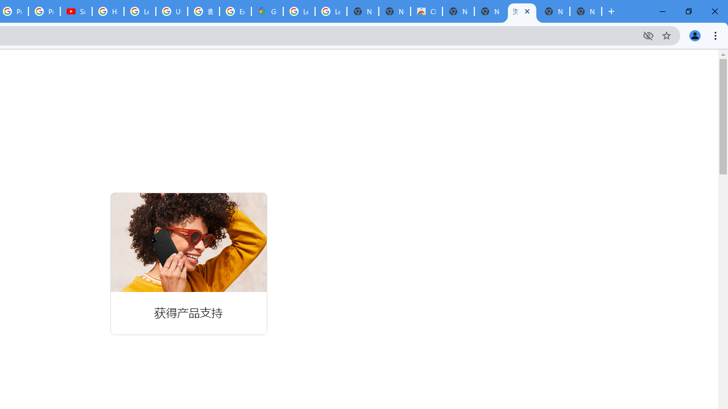  I want to click on 'Explore new street-level details - Google Maps Help', so click(235, 11).